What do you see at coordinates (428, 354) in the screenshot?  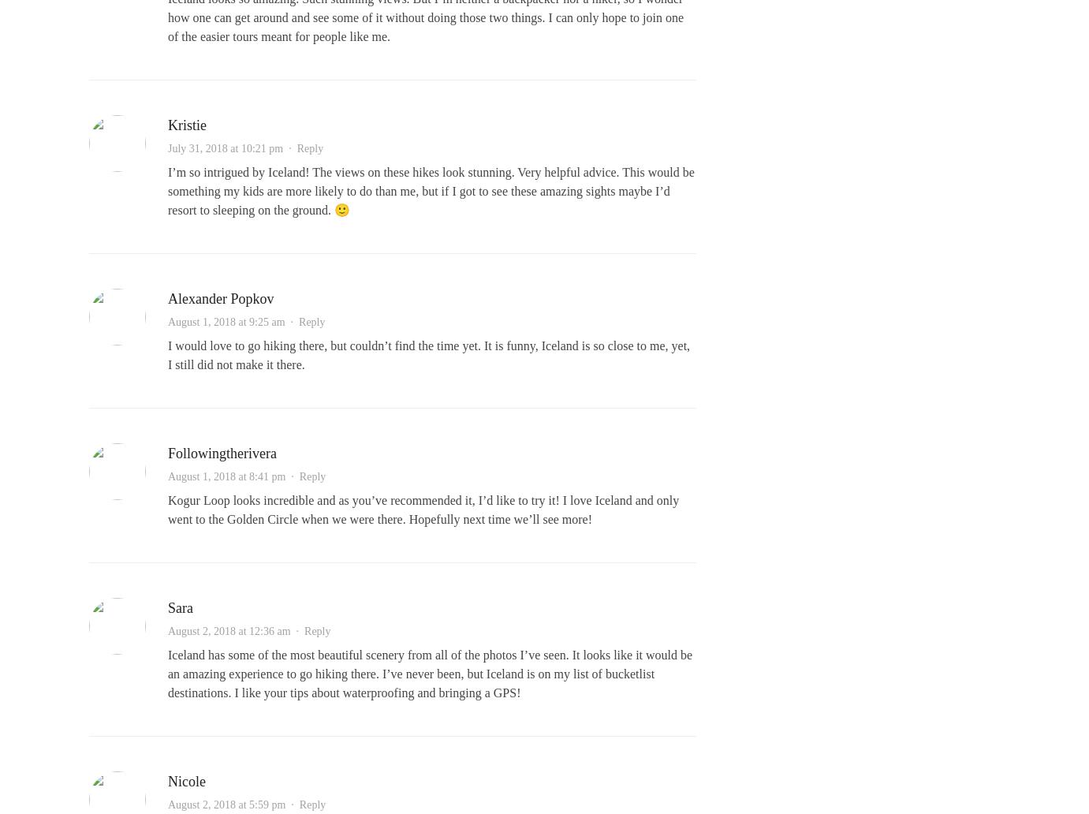 I see `'I would love to go hiking there, but couldn’t find the time yet. It is funny, Iceland is so close to me, yet, I still did not make it there.'` at bounding box center [428, 354].